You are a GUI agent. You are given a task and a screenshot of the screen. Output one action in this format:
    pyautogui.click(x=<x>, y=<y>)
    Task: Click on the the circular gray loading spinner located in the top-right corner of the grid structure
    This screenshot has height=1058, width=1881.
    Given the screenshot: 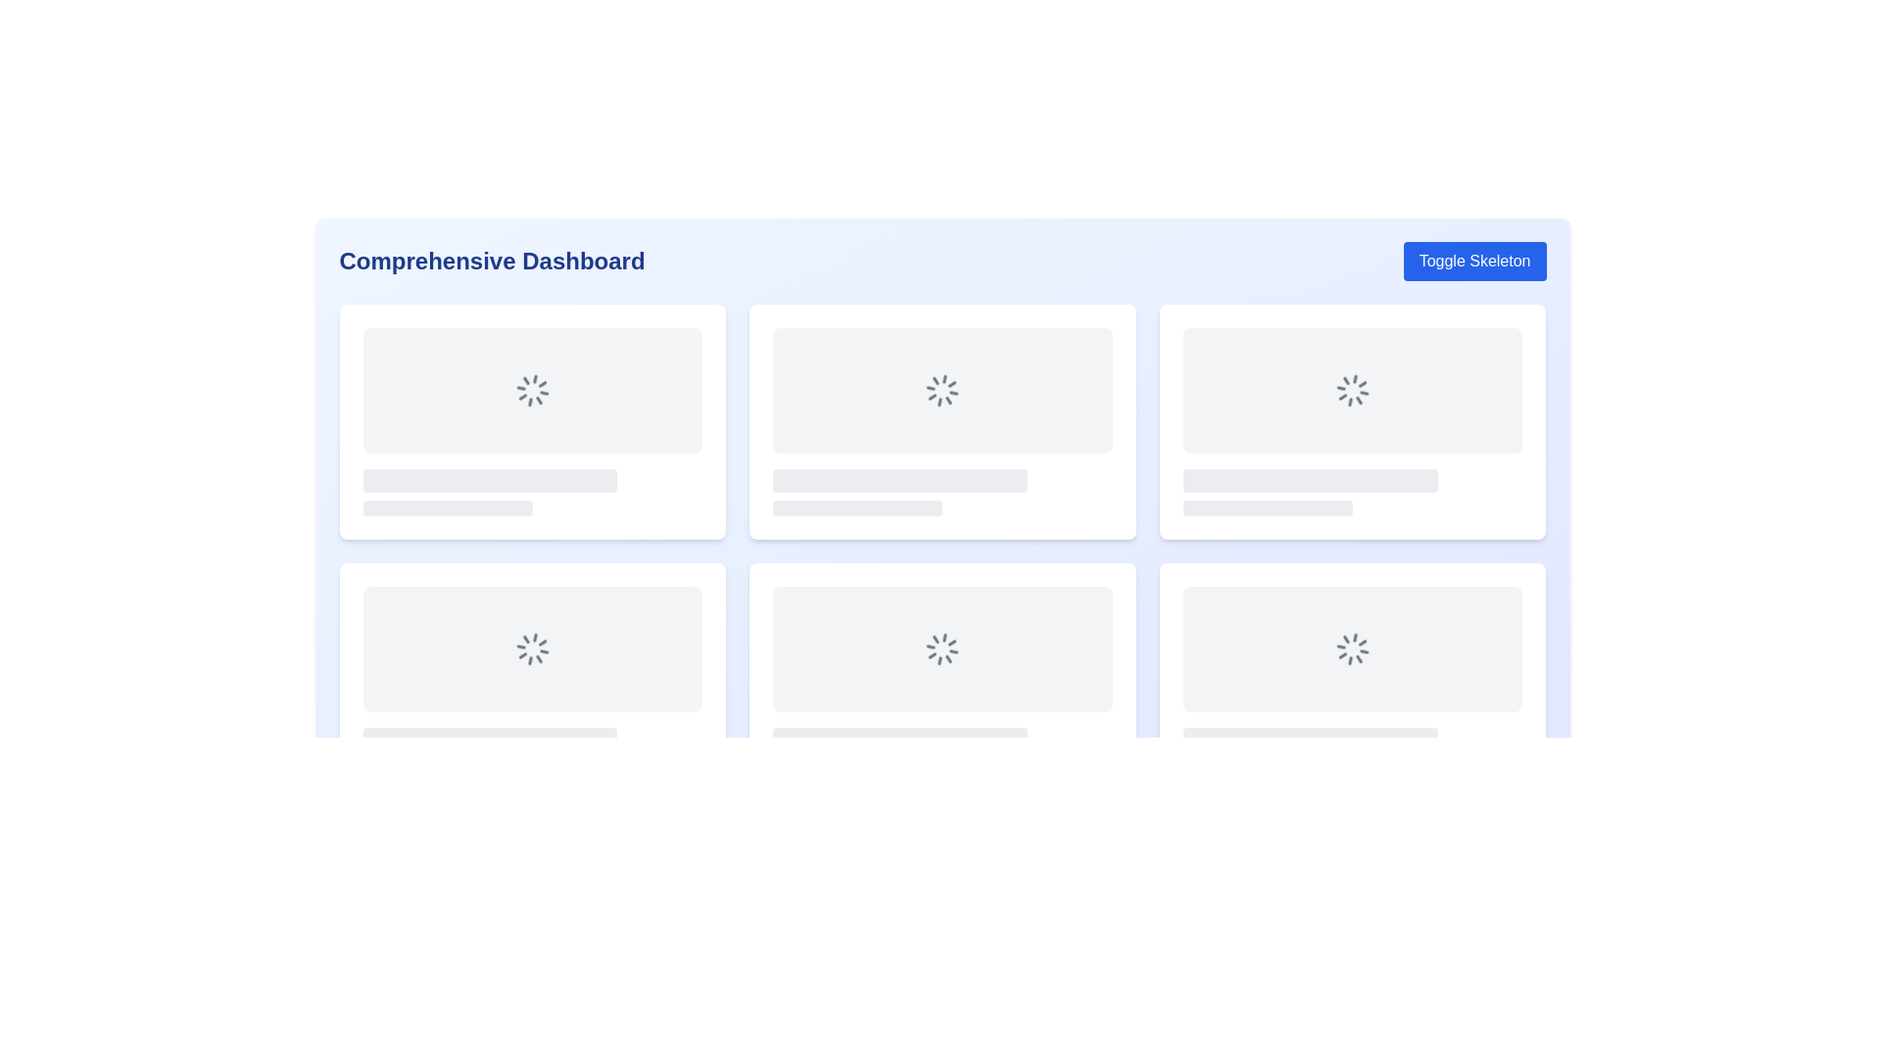 What is the action you would take?
    pyautogui.click(x=1352, y=390)
    